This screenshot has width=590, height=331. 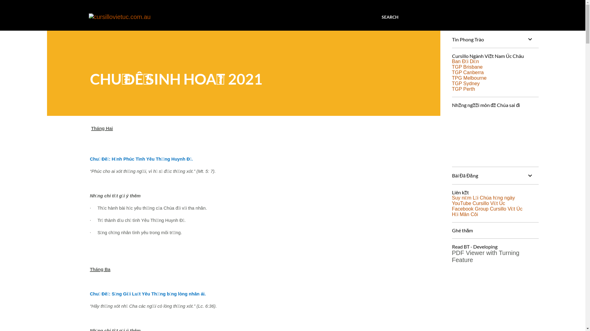 What do you see at coordinates (467, 67) in the screenshot?
I see `'TGP Brisbane'` at bounding box center [467, 67].